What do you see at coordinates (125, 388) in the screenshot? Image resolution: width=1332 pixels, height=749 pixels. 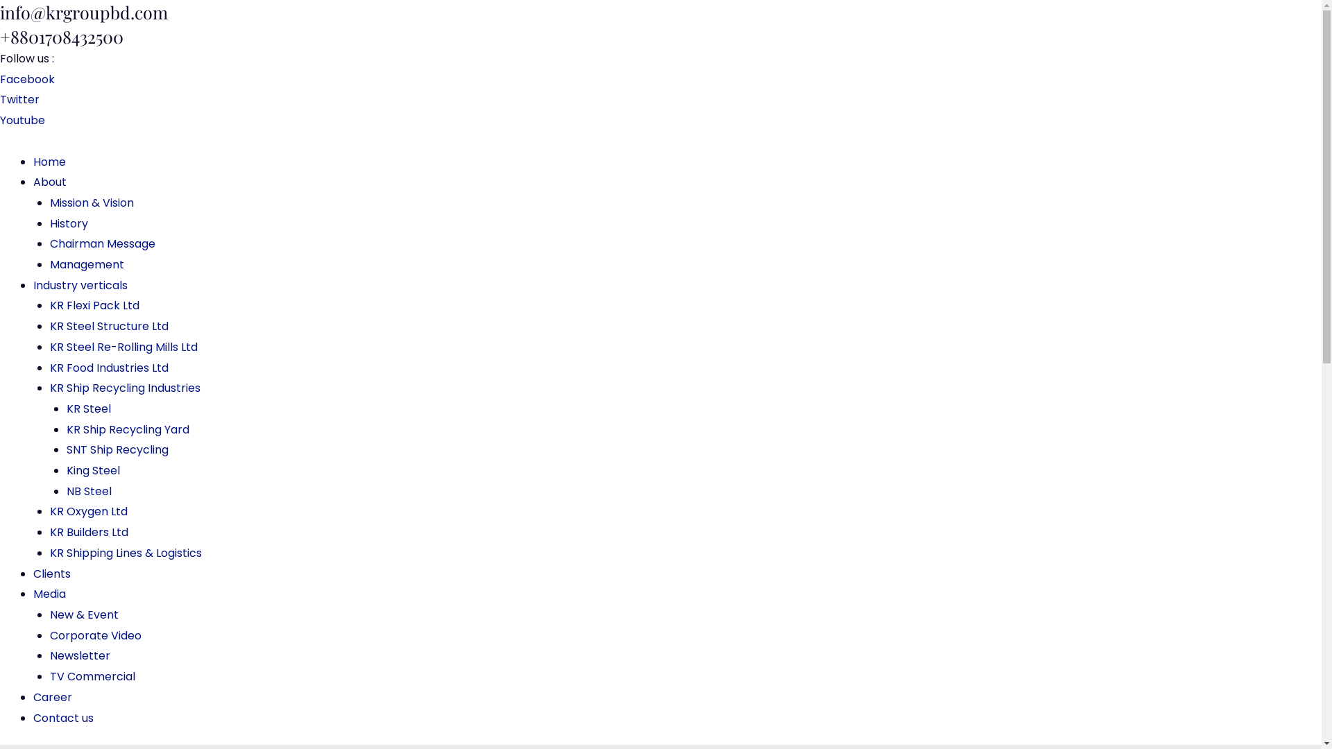 I see `'KR Ship Recycling Industries'` at bounding box center [125, 388].